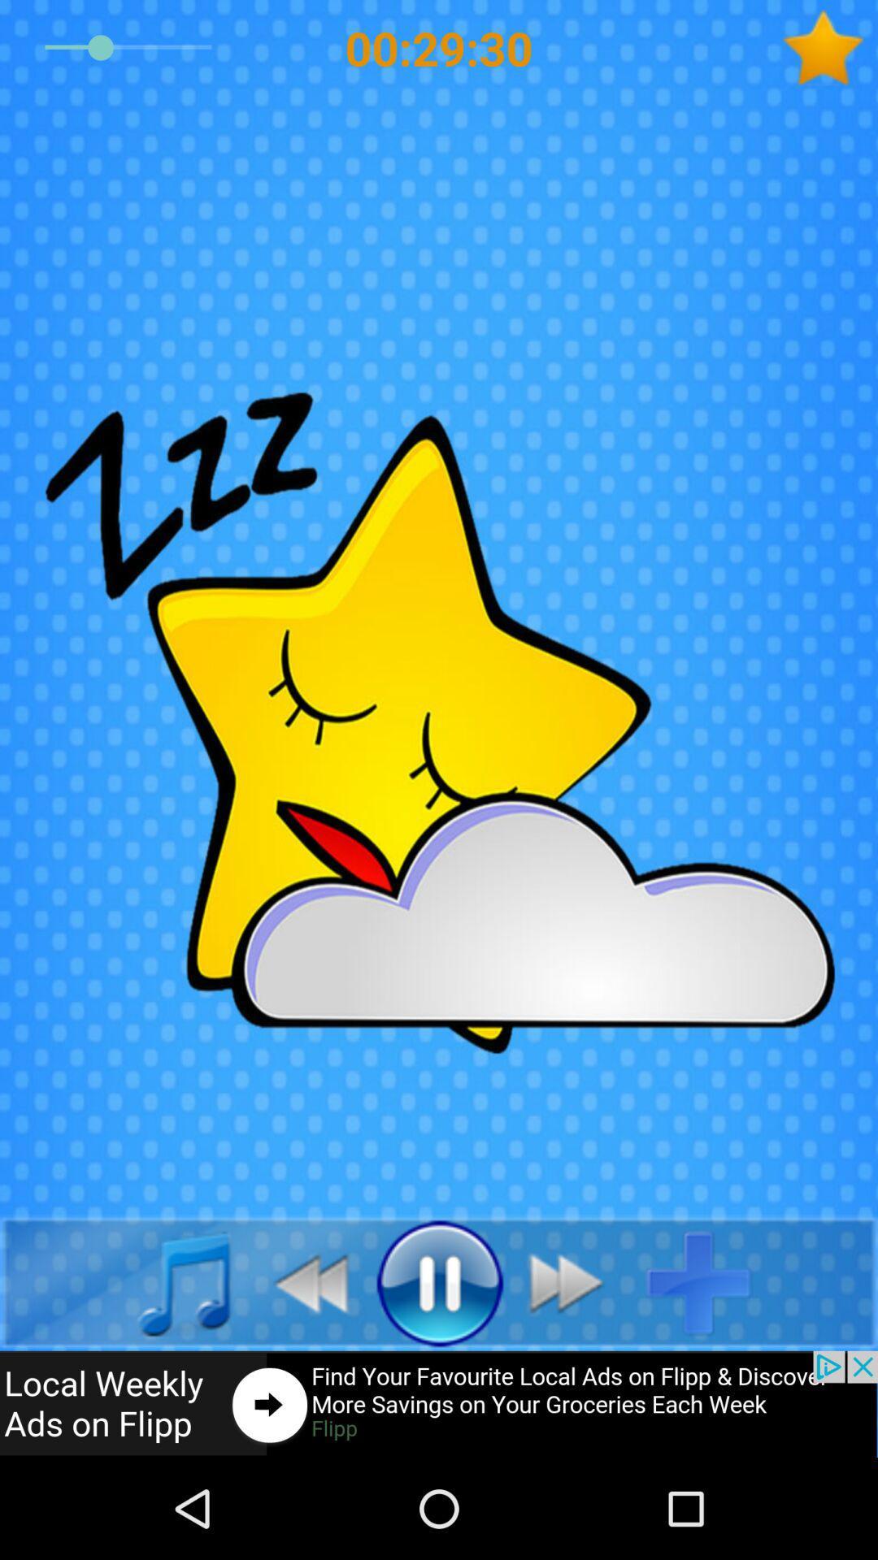 This screenshot has height=1560, width=878. I want to click on the av_rewind icon, so click(302, 1281).